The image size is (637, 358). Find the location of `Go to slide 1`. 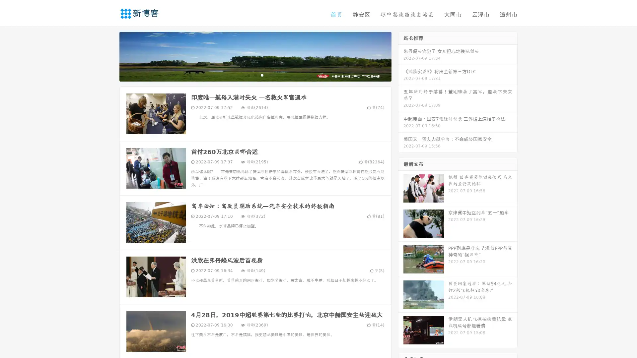

Go to slide 1 is located at coordinates (248, 75).